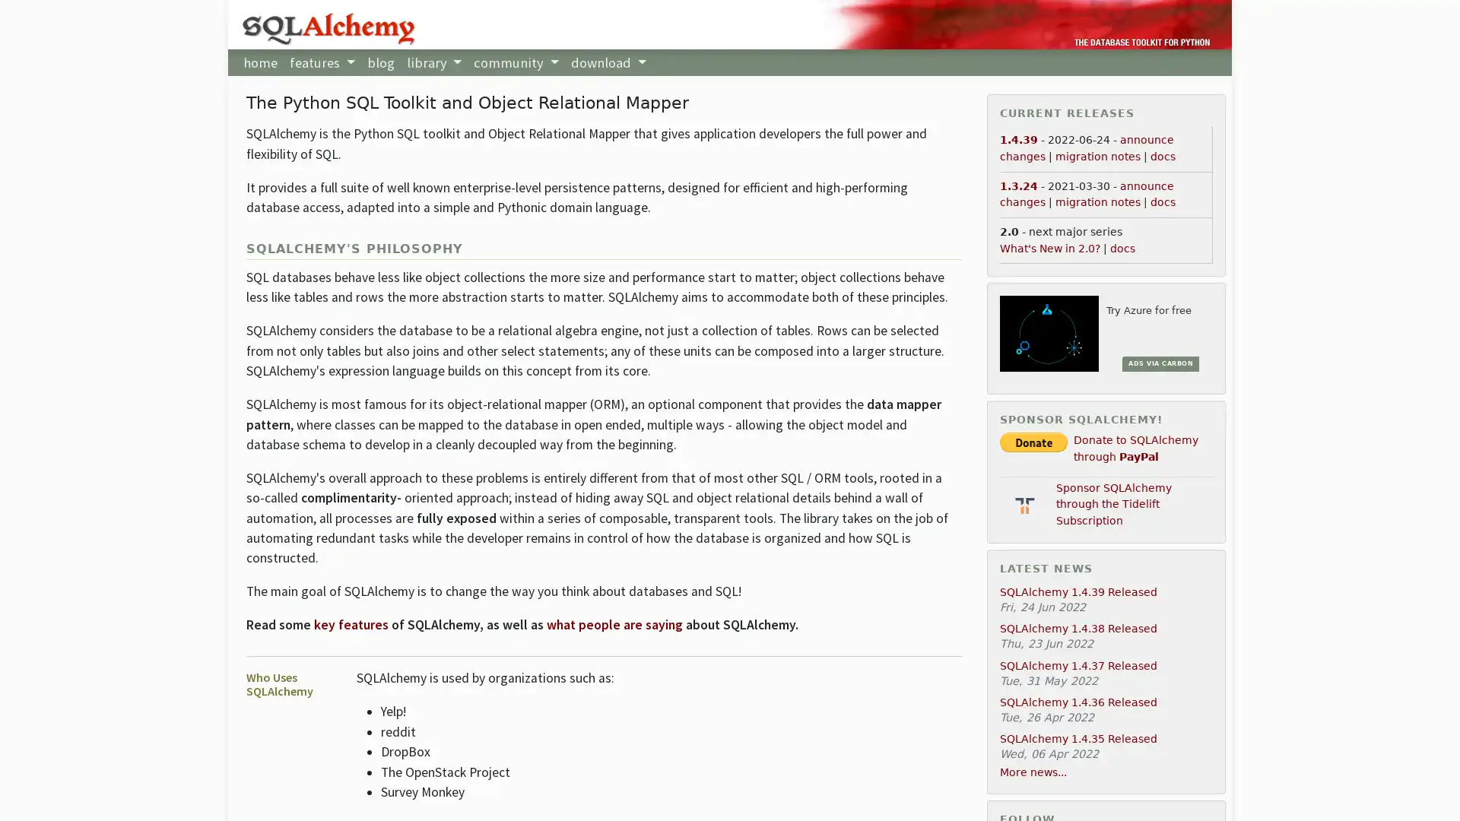 The width and height of the screenshot is (1460, 821). I want to click on features, so click(321, 62).